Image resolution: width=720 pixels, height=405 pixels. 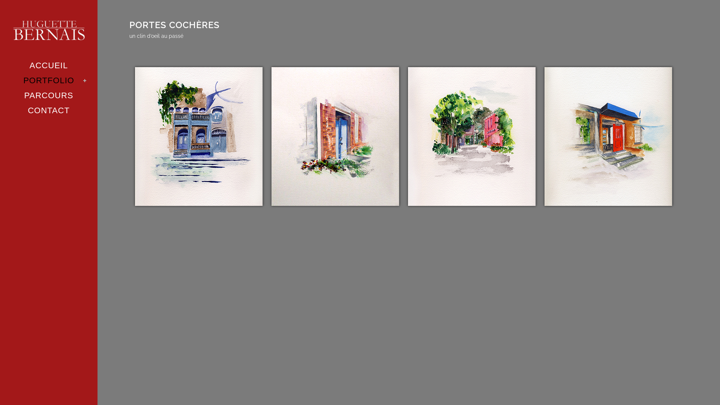 What do you see at coordinates (48, 65) in the screenshot?
I see `'ACCUEIL'` at bounding box center [48, 65].